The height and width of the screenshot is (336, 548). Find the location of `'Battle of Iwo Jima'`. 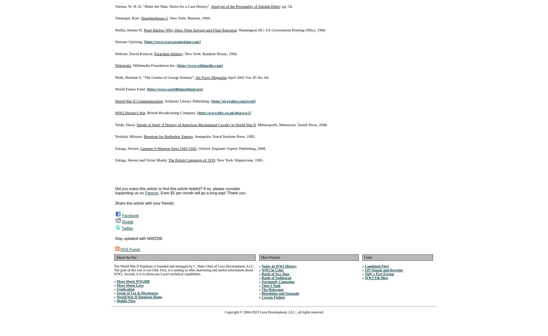

'Battle of Iwo Jima' is located at coordinates (275, 273).